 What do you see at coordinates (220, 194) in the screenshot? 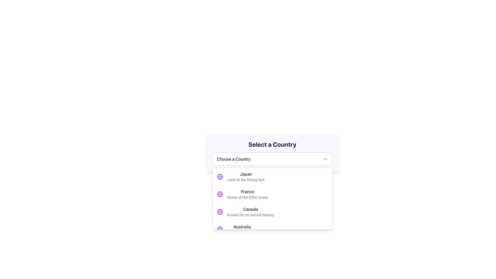
I see `the purple globe icon representing 'France' in the country selection dropdown, which is located to the far left of the text 'France Home of the Eiffel Tower'` at bounding box center [220, 194].